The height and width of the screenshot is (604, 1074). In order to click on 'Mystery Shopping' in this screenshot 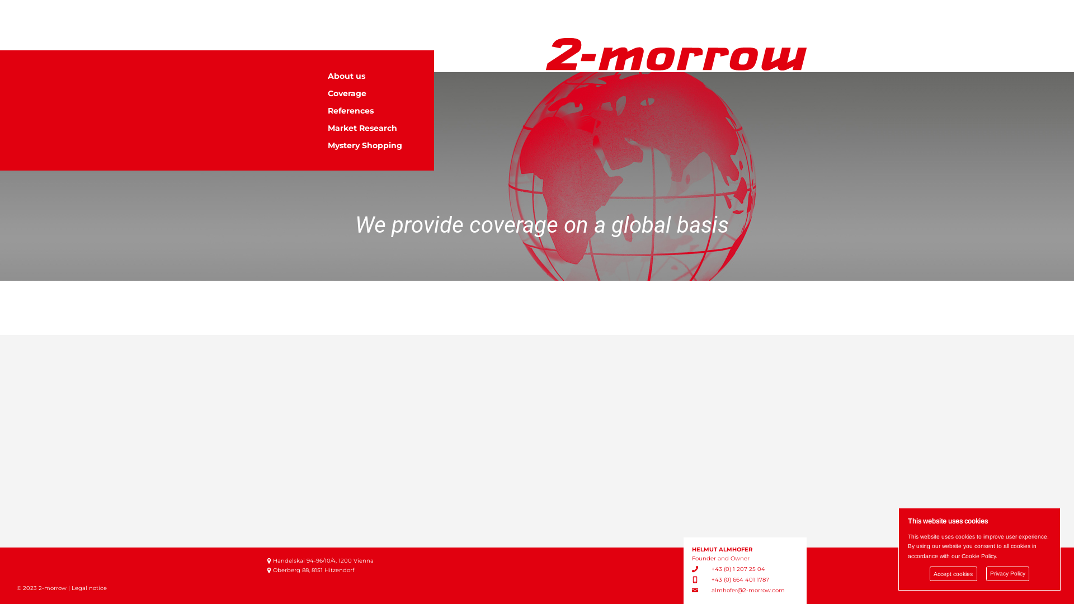, I will do `click(373, 144)`.